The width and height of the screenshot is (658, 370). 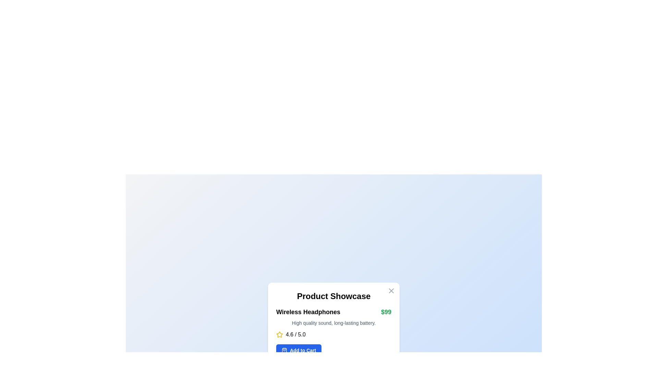 What do you see at coordinates (391, 291) in the screenshot?
I see `the 'X' shaped SVG vector graphic located in the top right corner of the card-style user interface` at bounding box center [391, 291].